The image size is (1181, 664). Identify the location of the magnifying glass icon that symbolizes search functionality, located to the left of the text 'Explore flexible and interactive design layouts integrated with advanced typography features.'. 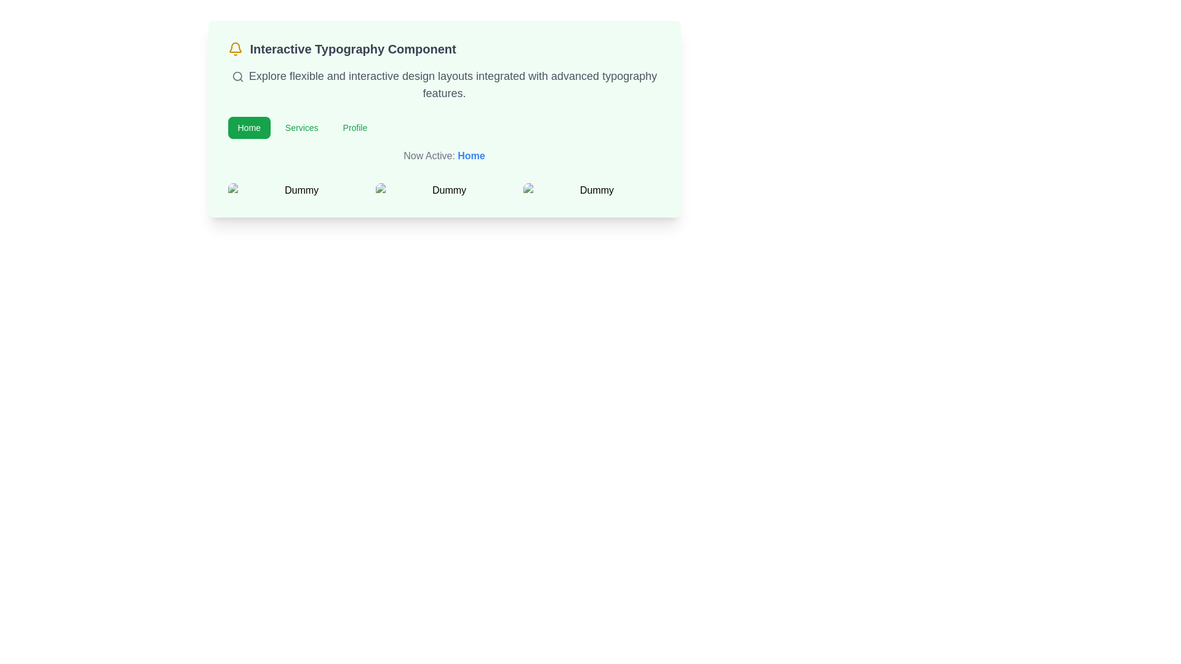
(237, 77).